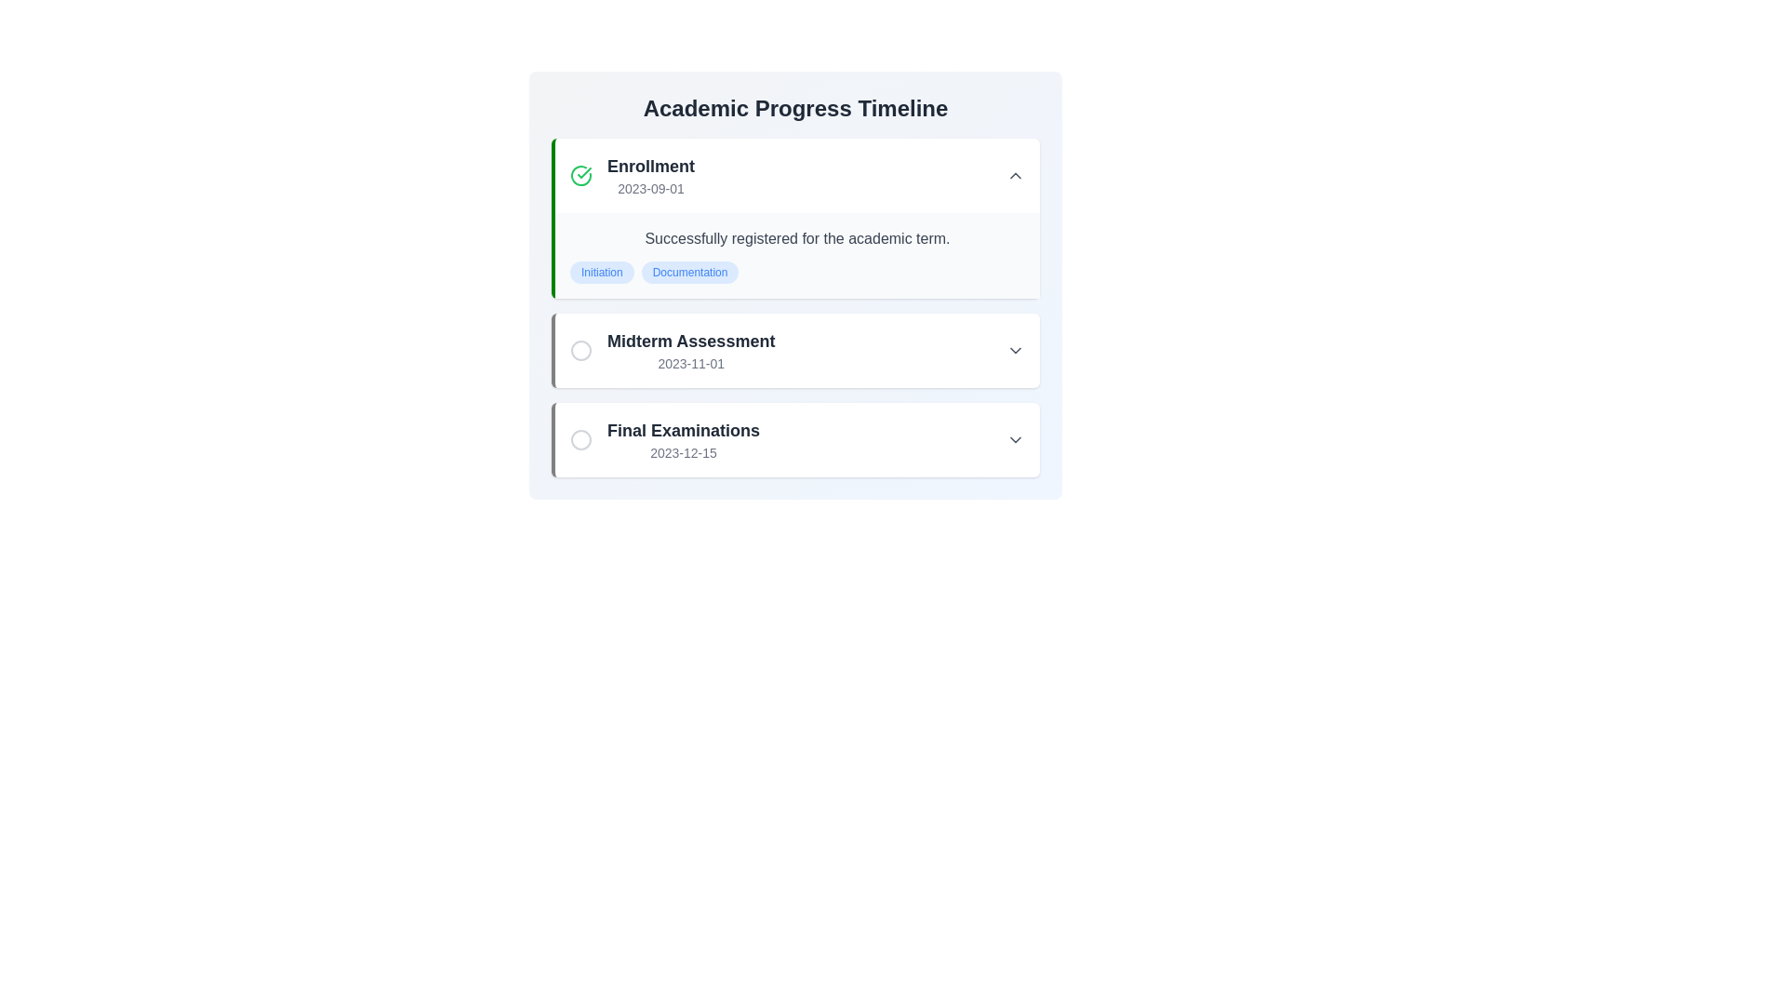  Describe the element at coordinates (1014, 351) in the screenshot. I see `the downward chevron icon located within the gray rectangular section labeled 'Midterm Assessment 2023-11-01'` at that location.